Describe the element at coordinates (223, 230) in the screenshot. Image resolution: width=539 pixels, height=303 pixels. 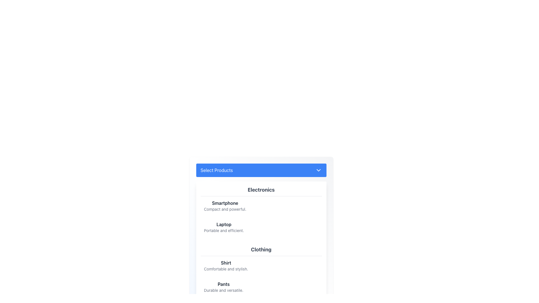
I see `text snippet styled in a small gray font displaying 'Portable and efficient.' which is located below the bold title 'Laptop' in the Electronics section` at that location.